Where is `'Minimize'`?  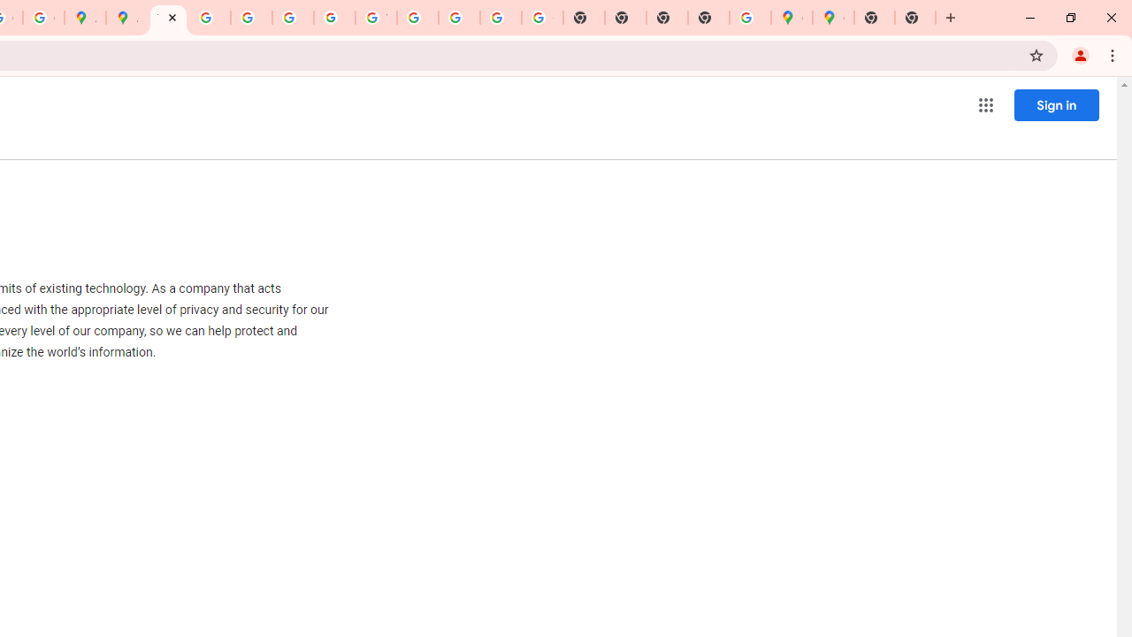 'Minimize' is located at coordinates (1030, 18).